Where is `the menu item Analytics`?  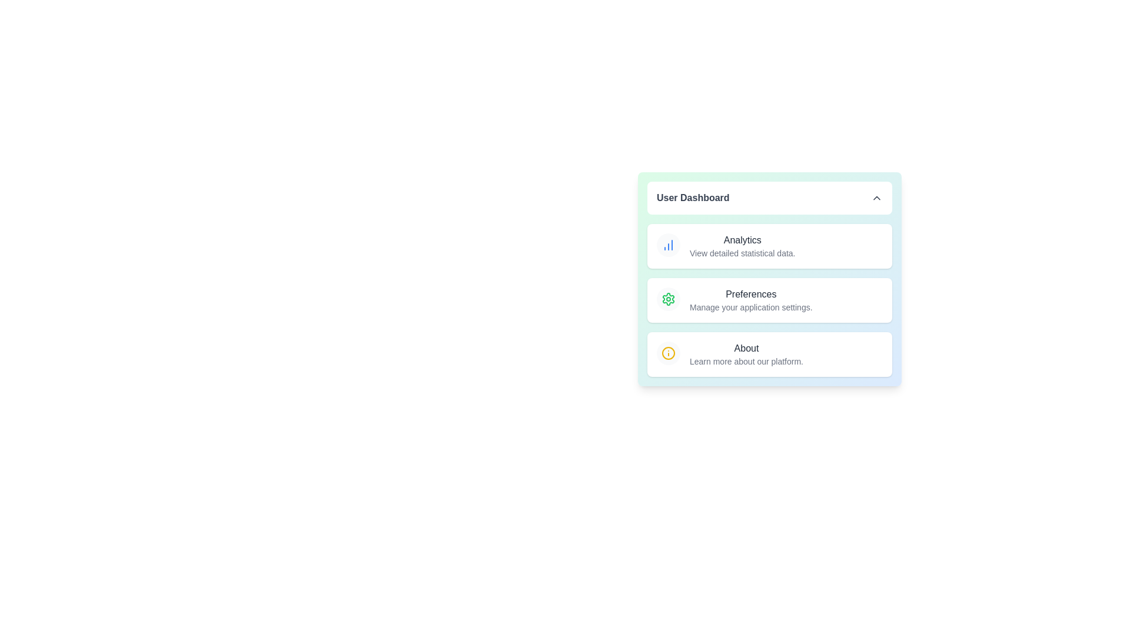 the menu item Analytics is located at coordinates (770, 246).